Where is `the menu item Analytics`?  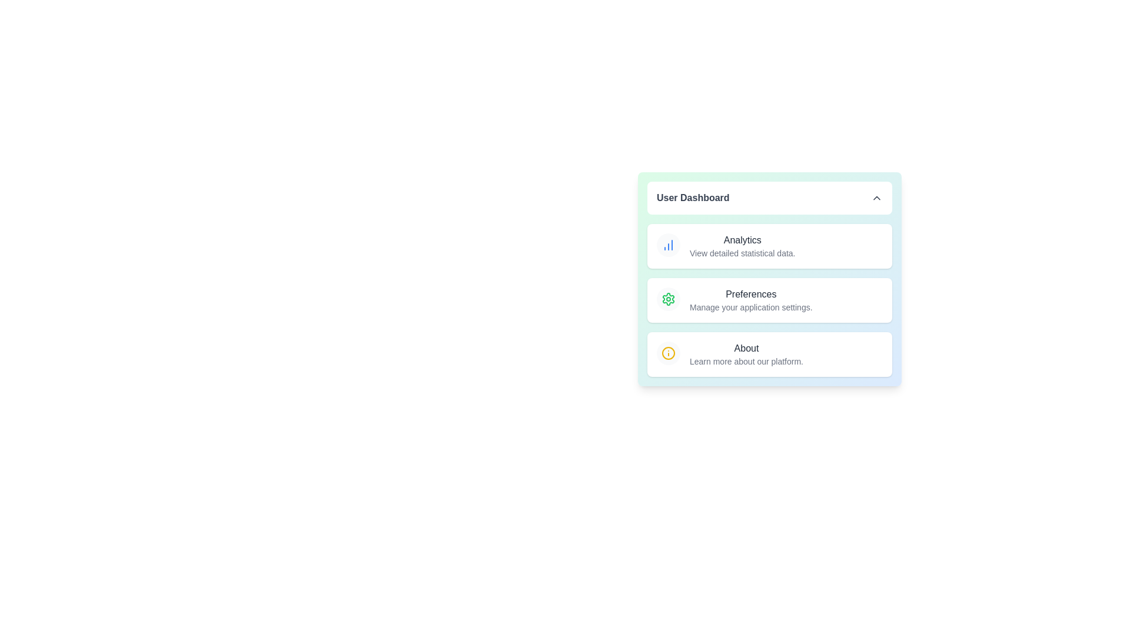 the menu item Analytics is located at coordinates (770, 246).